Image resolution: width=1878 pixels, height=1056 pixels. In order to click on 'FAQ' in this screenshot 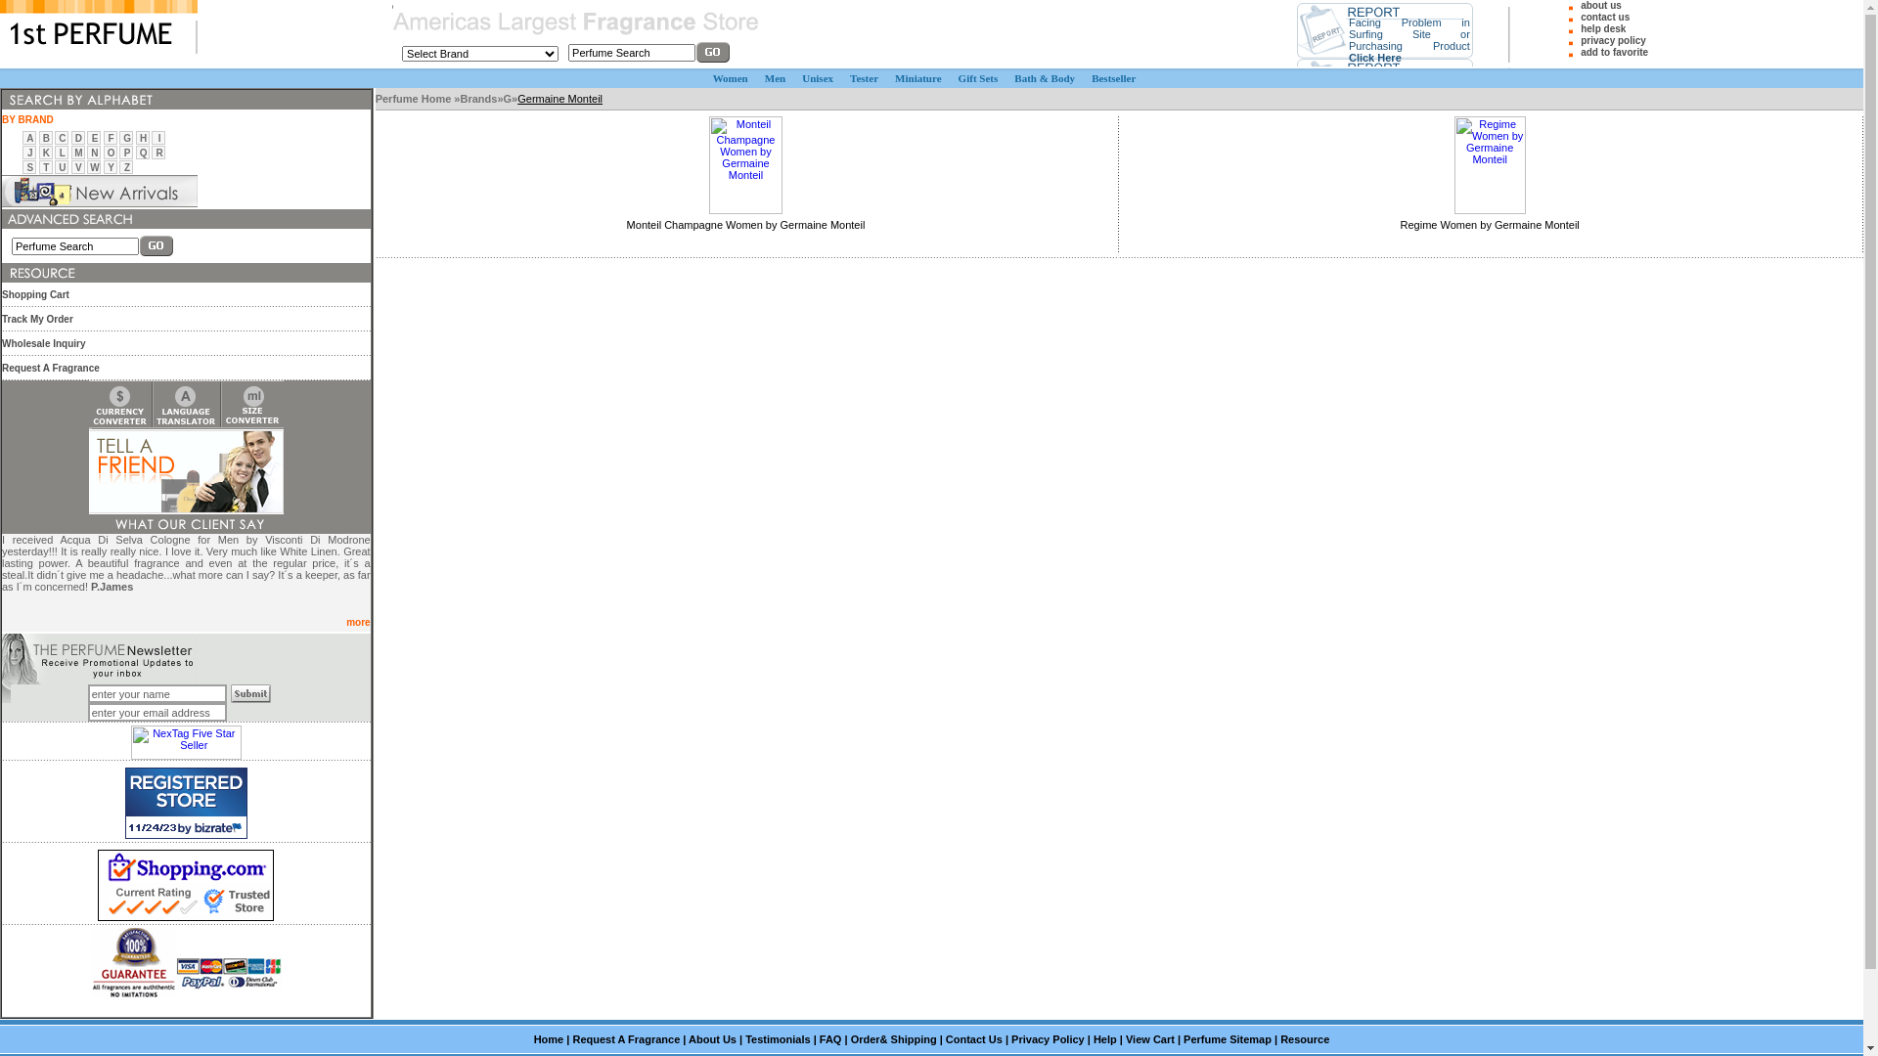, I will do `click(830, 1038)`.